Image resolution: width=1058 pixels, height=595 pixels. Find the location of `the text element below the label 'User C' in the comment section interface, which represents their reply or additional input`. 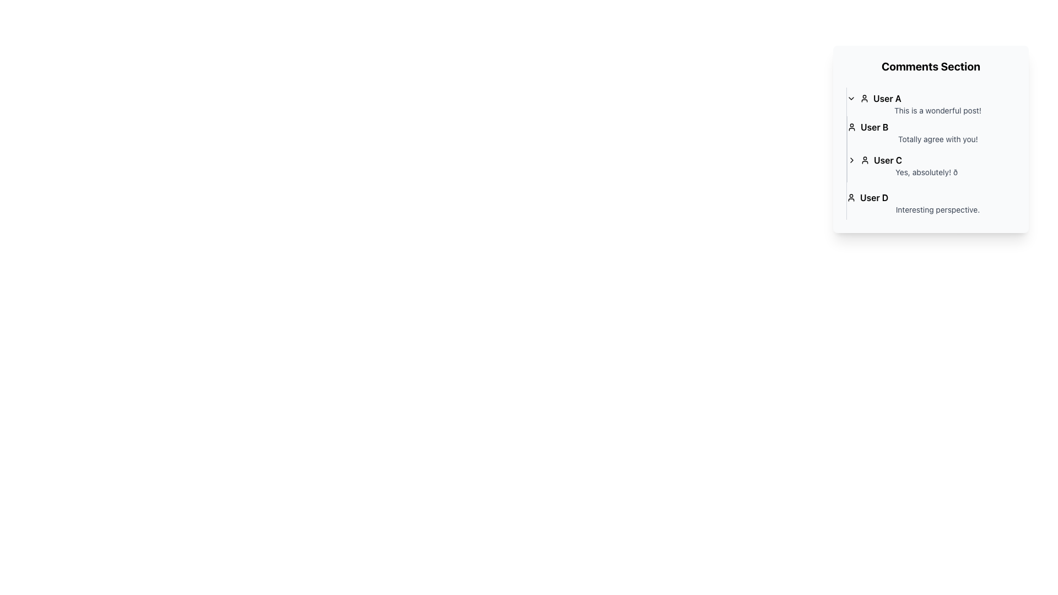

the text element below the label 'User C' in the comment section interface, which represents their reply or additional input is located at coordinates (931, 172).